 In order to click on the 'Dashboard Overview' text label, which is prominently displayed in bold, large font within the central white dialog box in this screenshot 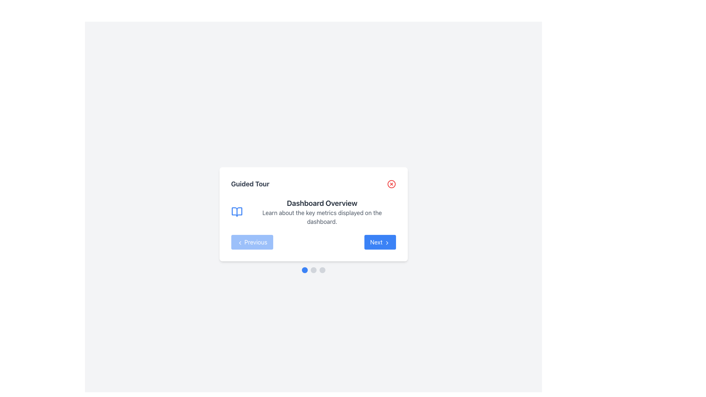, I will do `click(322, 203)`.